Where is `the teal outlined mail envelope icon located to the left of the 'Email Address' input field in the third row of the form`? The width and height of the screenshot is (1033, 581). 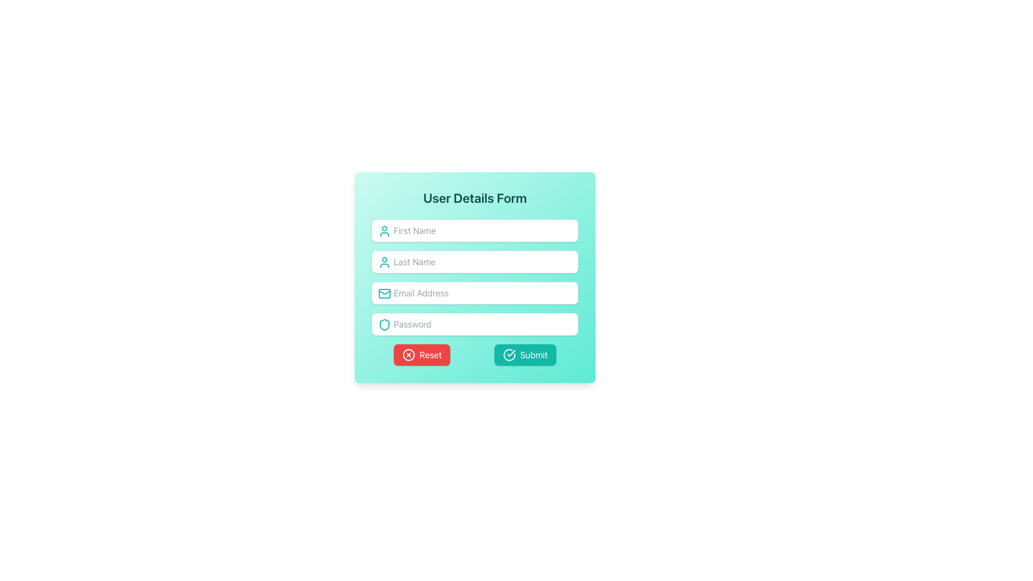
the teal outlined mail envelope icon located to the left of the 'Email Address' input field in the third row of the form is located at coordinates (385, 294).